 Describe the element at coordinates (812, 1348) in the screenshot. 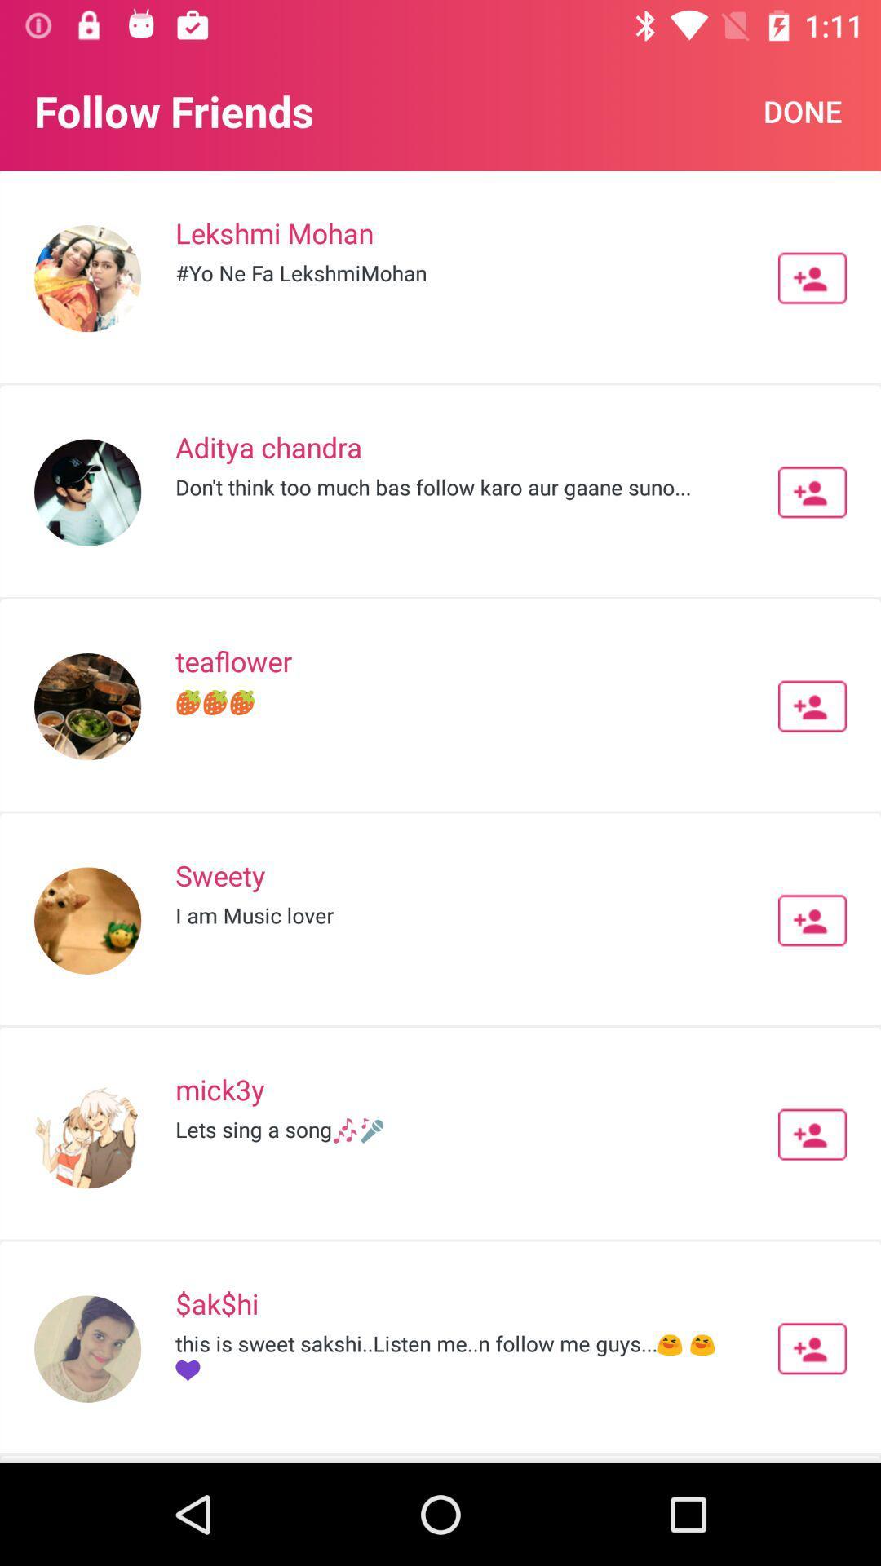

I see `send a friend request` at that location.